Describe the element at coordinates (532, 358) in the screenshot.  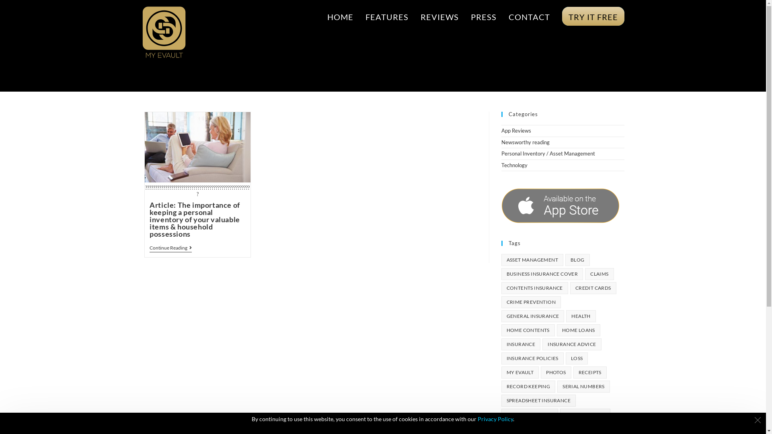
I see `'INSURANCE POLICIES'` at that location.